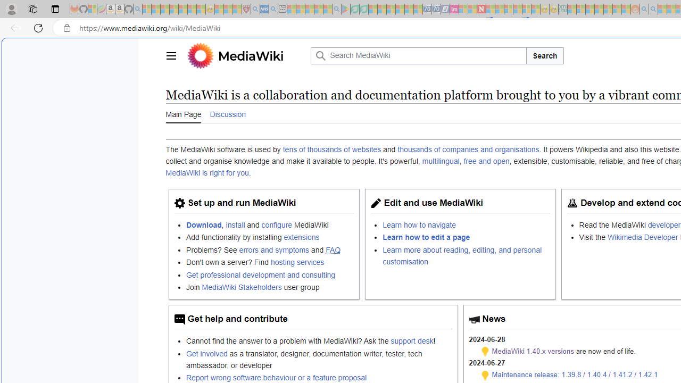 This screenshot has width=681, height=383. What do you see at coordinates (533, 351) in the screenshot?
I see `'MediaWiki 1.40.x versions'` at bounding box center [533, 351].